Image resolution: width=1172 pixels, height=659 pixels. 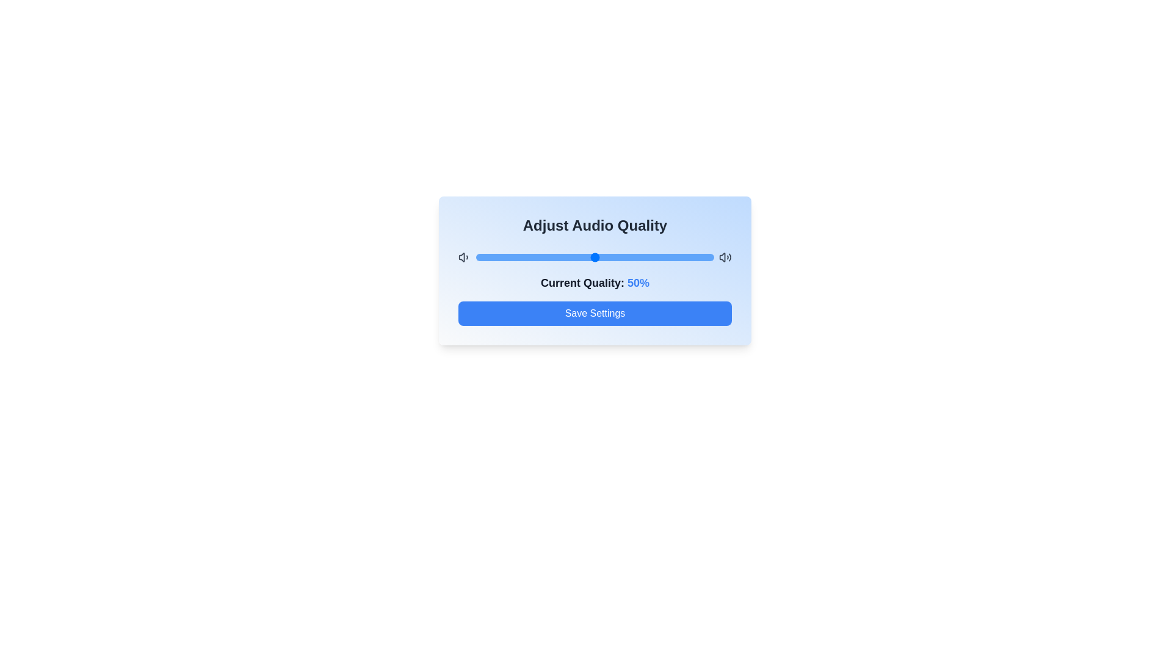 I want to click on the audio quality to 12% by dragging the slider, so click(x=504, y=256).